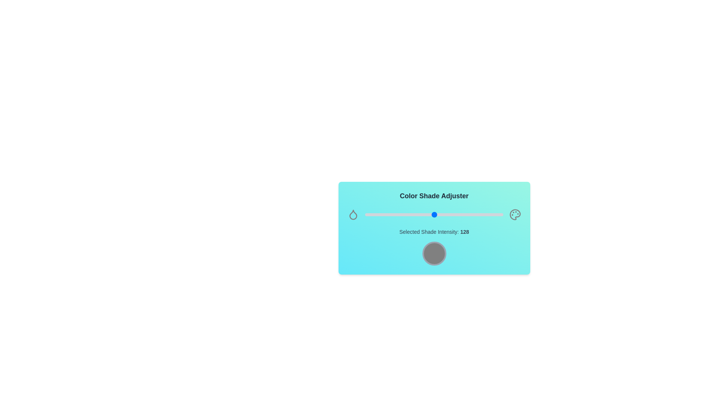 Image resolution: width=719 pixels, height=404 pixels. I want to click on the shade intensity to 54 using the slider, so click(394, 215).